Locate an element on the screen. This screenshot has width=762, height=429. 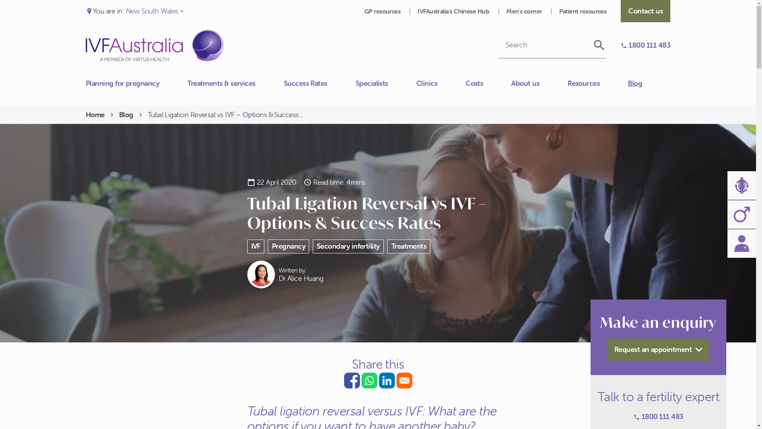
'Resources' is located at coordinates (567, 83).